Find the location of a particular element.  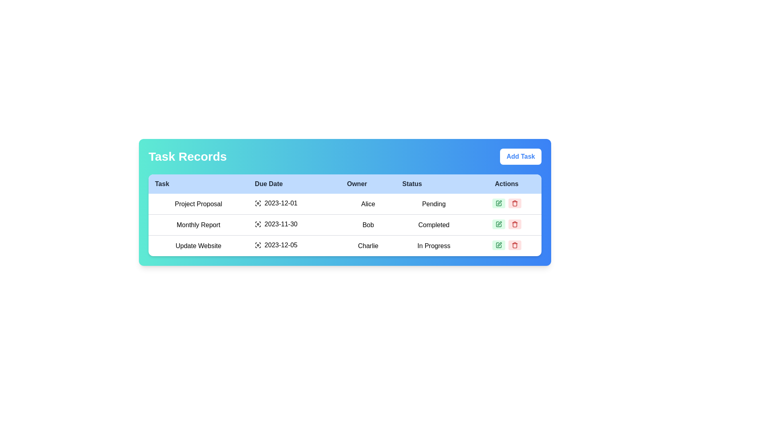

the table header row with light blue background containing the column headers 'Task', 'Due Date', 'Owner', 'Status', and 'Actions' is located at coordinates (345, 184).